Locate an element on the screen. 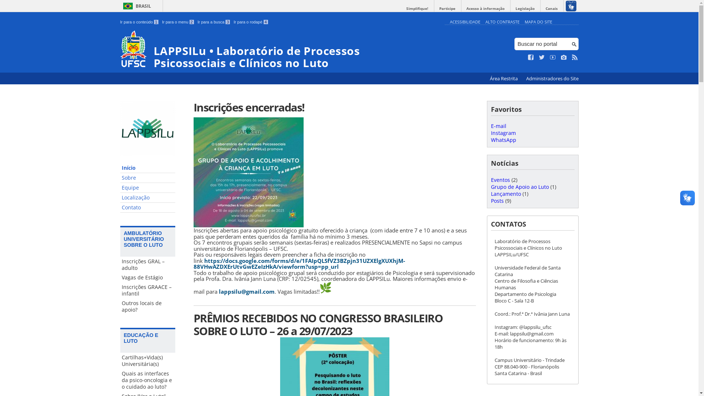 The width and height of the screenshot is (704, 396). 'Curta no Facebook' is located at coordinates (531, 57).